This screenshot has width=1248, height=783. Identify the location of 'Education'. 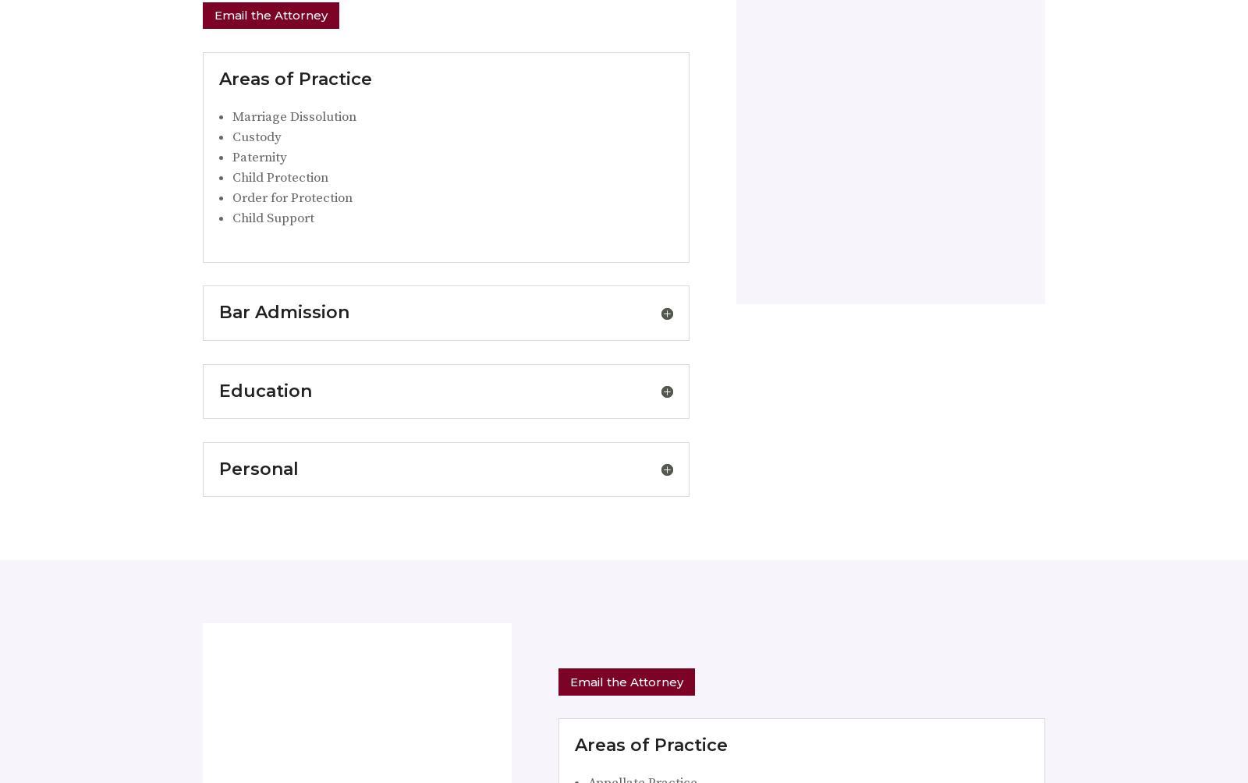
(218, 389).